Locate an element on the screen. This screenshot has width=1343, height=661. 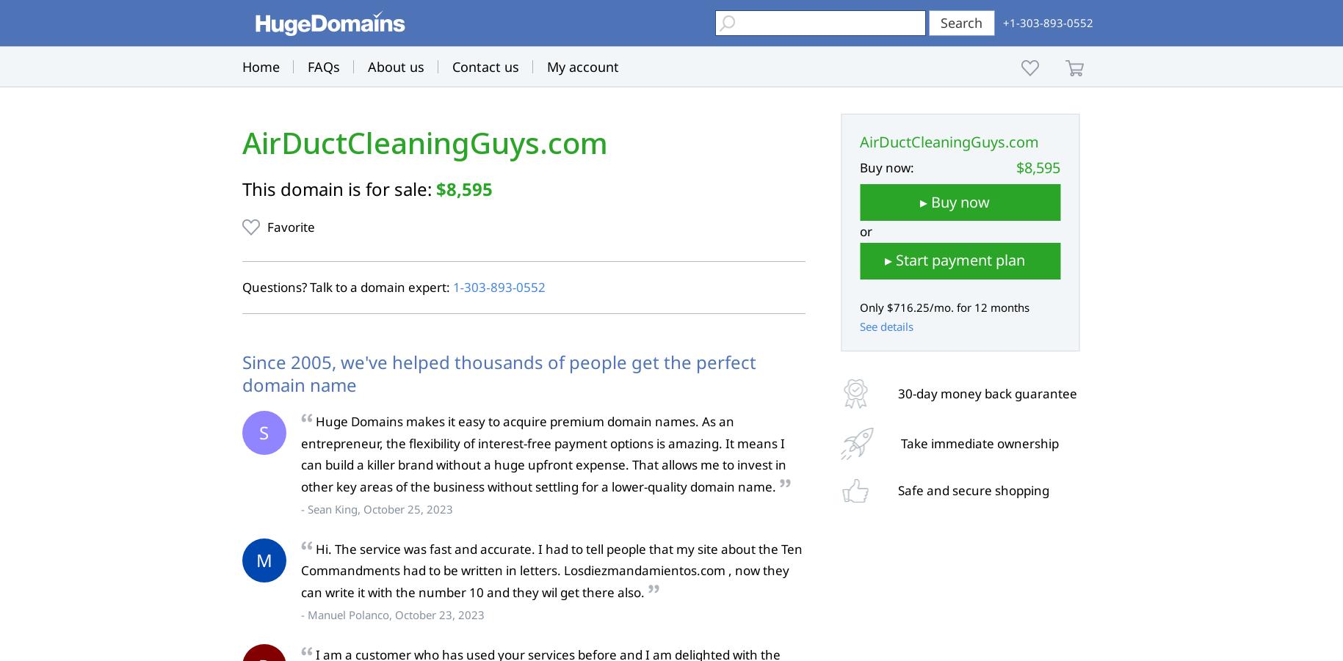
'Huge Domains makes it easy to acquire premium domain names. As an entrepreneur, the flexibility of interest-free payment options is amazing. It means I can build a killer brand without a huge upfront expense. That allows me to invest in other key areas of the business without settling for a lower-quality domain name.' is located at coordinates (299, 453).